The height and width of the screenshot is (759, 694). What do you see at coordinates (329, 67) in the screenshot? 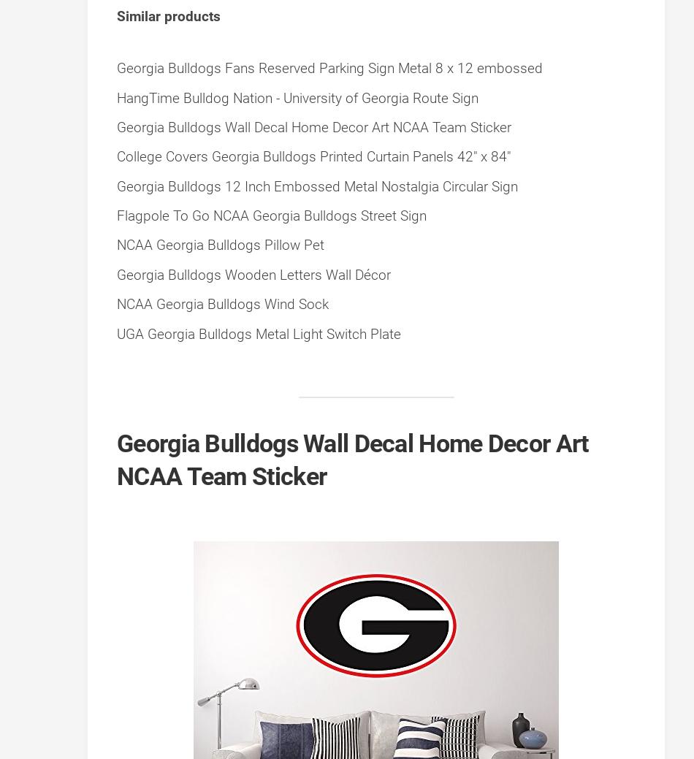
I see `'Georgia Bulldogs Fans Reserved Parking Sign Metal 8 x 12 embossed'` at bounding box center [329, 67].